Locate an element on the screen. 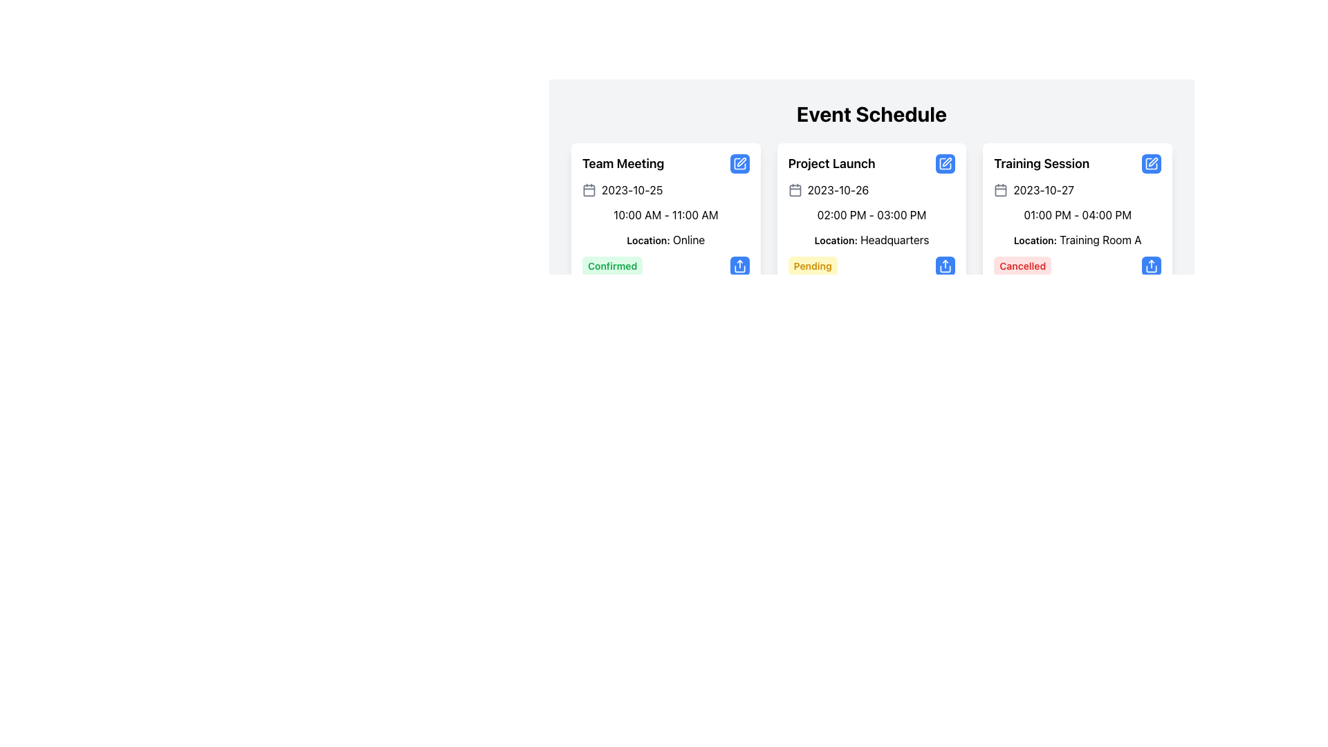 The height and width of the screenshot is (747, 1328). the text display showing '2023-10-26' located within the 'Project Launch' card in the 'Event Schedule' is located at coordinates (838, 190).